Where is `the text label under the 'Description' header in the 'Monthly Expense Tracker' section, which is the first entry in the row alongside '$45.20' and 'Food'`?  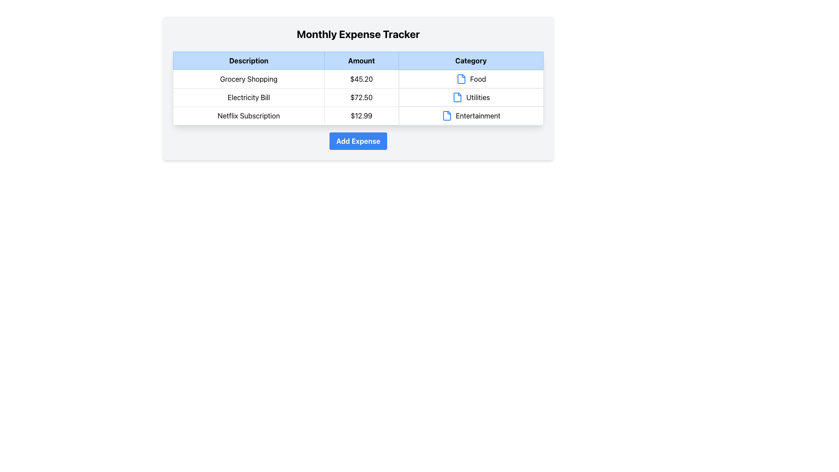
the text label under the 'Description' header in the 'Monthly Expense Tracker' section, which is the first entry in the row alongside '$45.20' and 'Food' is located at coordinates (248, 79).